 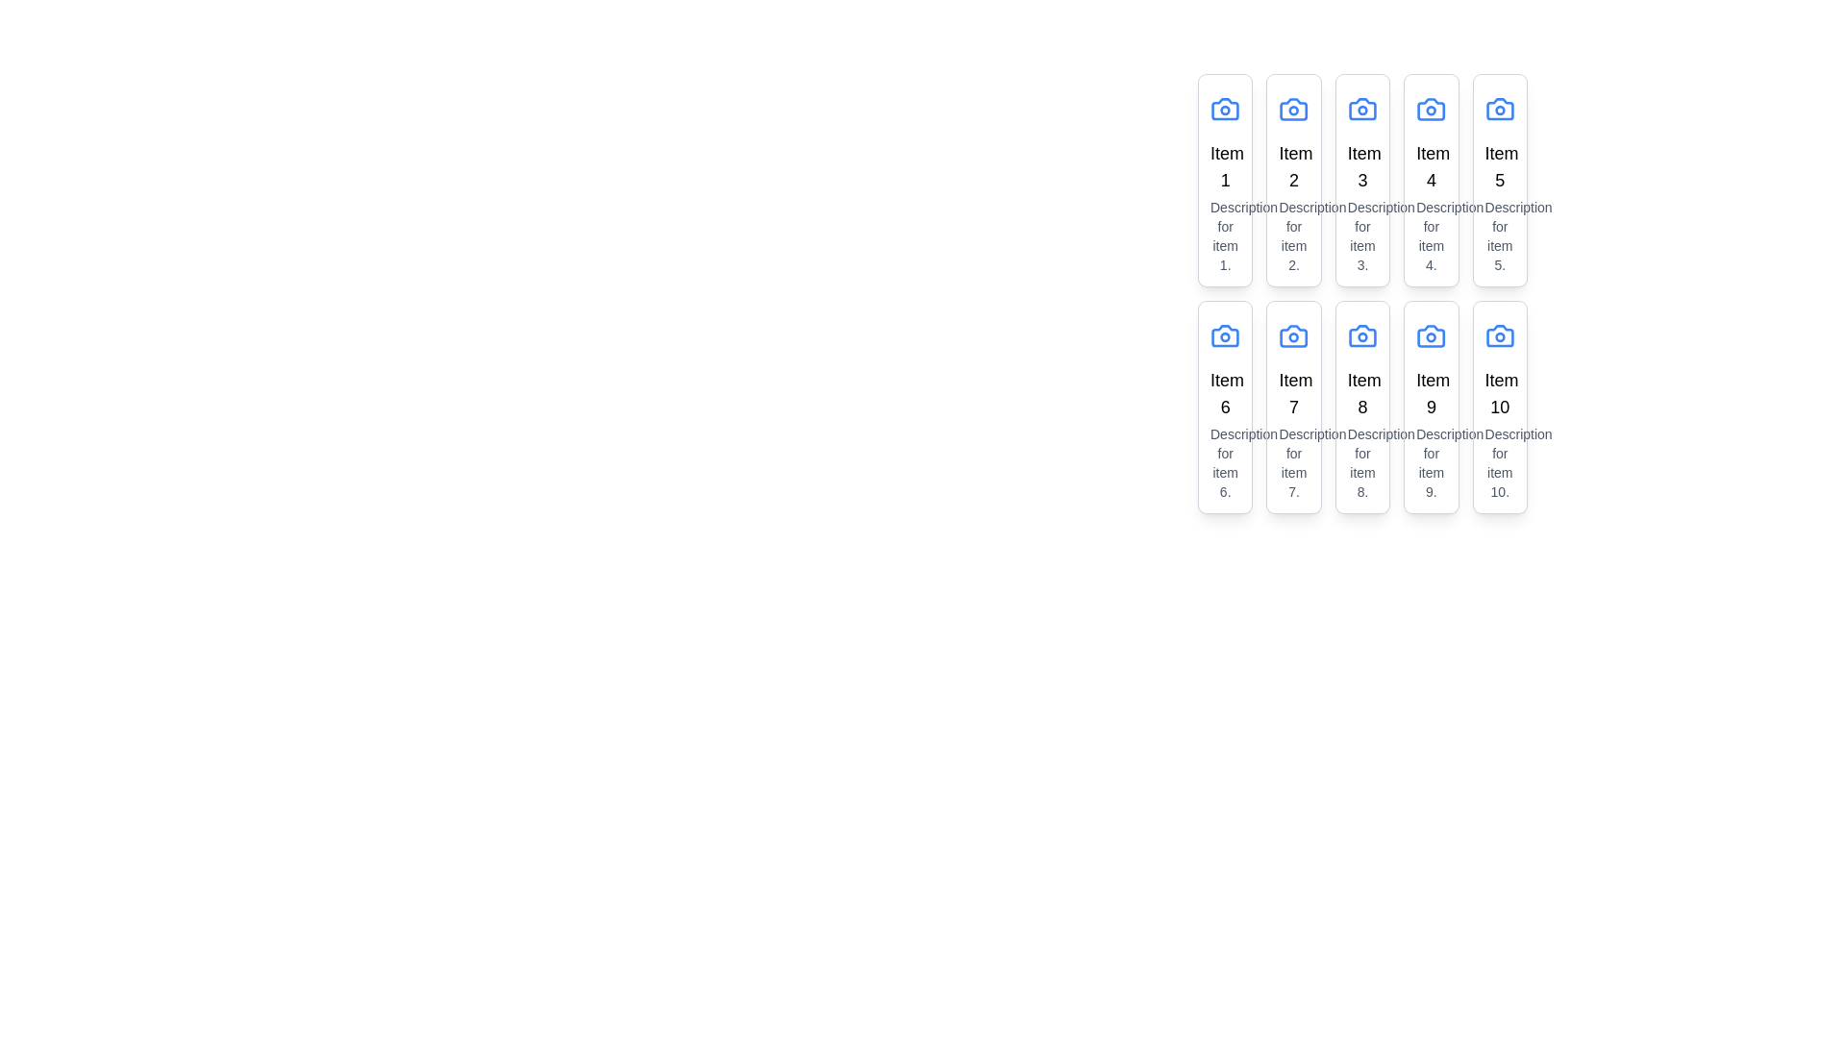 I want to click on the blue camera icon located at the top center of the card labeled 'Item 5', so click(x=1499, y=110).